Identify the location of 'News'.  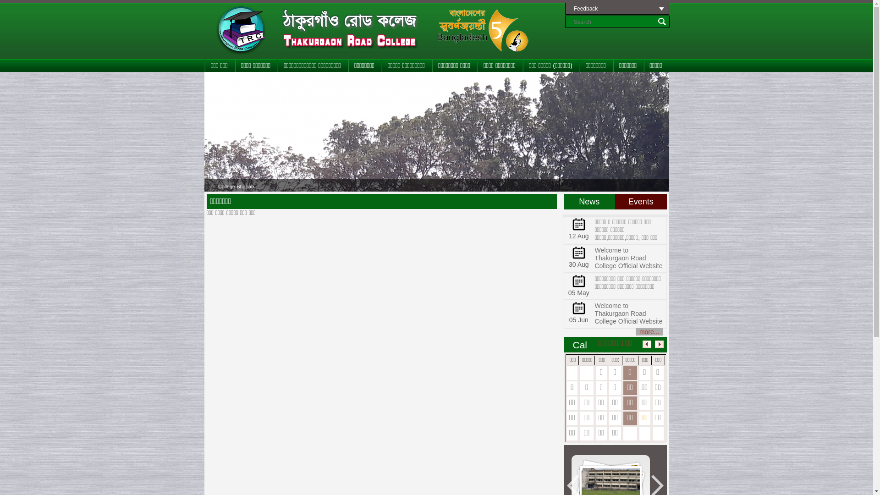
(589, 201).